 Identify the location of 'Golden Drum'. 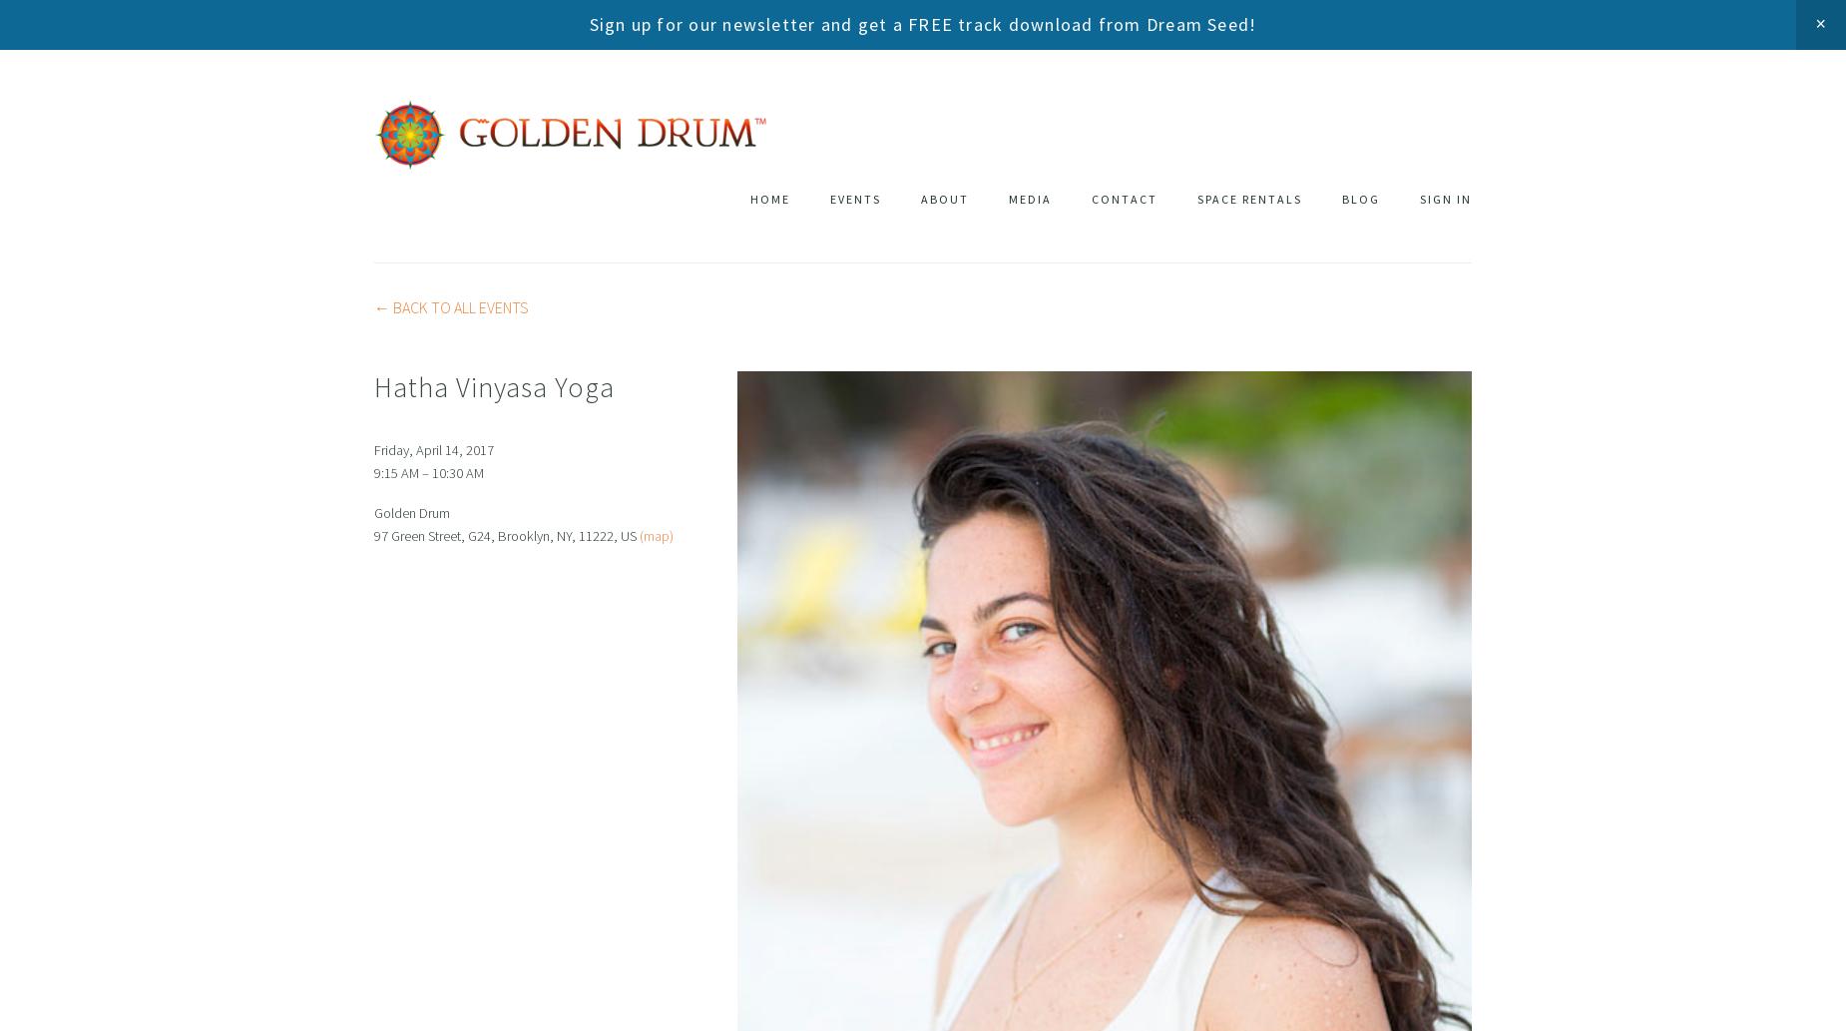
(410, 513).